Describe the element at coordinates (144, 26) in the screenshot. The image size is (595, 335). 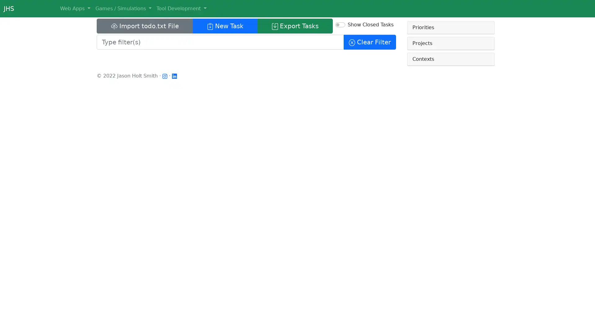
I see `upload file` at that location.